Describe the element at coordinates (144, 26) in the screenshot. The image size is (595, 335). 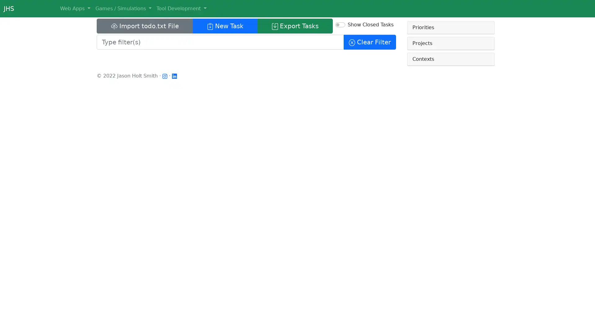
I see `upload file` at that location.